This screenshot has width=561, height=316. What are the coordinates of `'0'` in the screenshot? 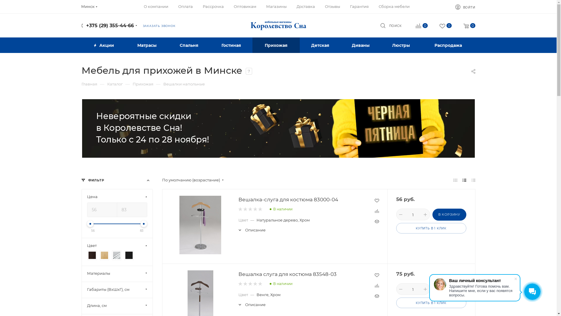 It's located at (445, 26).